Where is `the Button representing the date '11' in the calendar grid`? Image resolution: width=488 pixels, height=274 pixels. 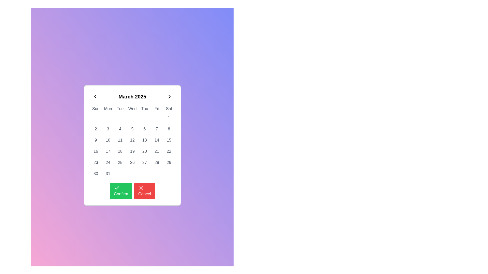 the Button representing the date '11' in the calendar grid is located at coordinates (120, 140).